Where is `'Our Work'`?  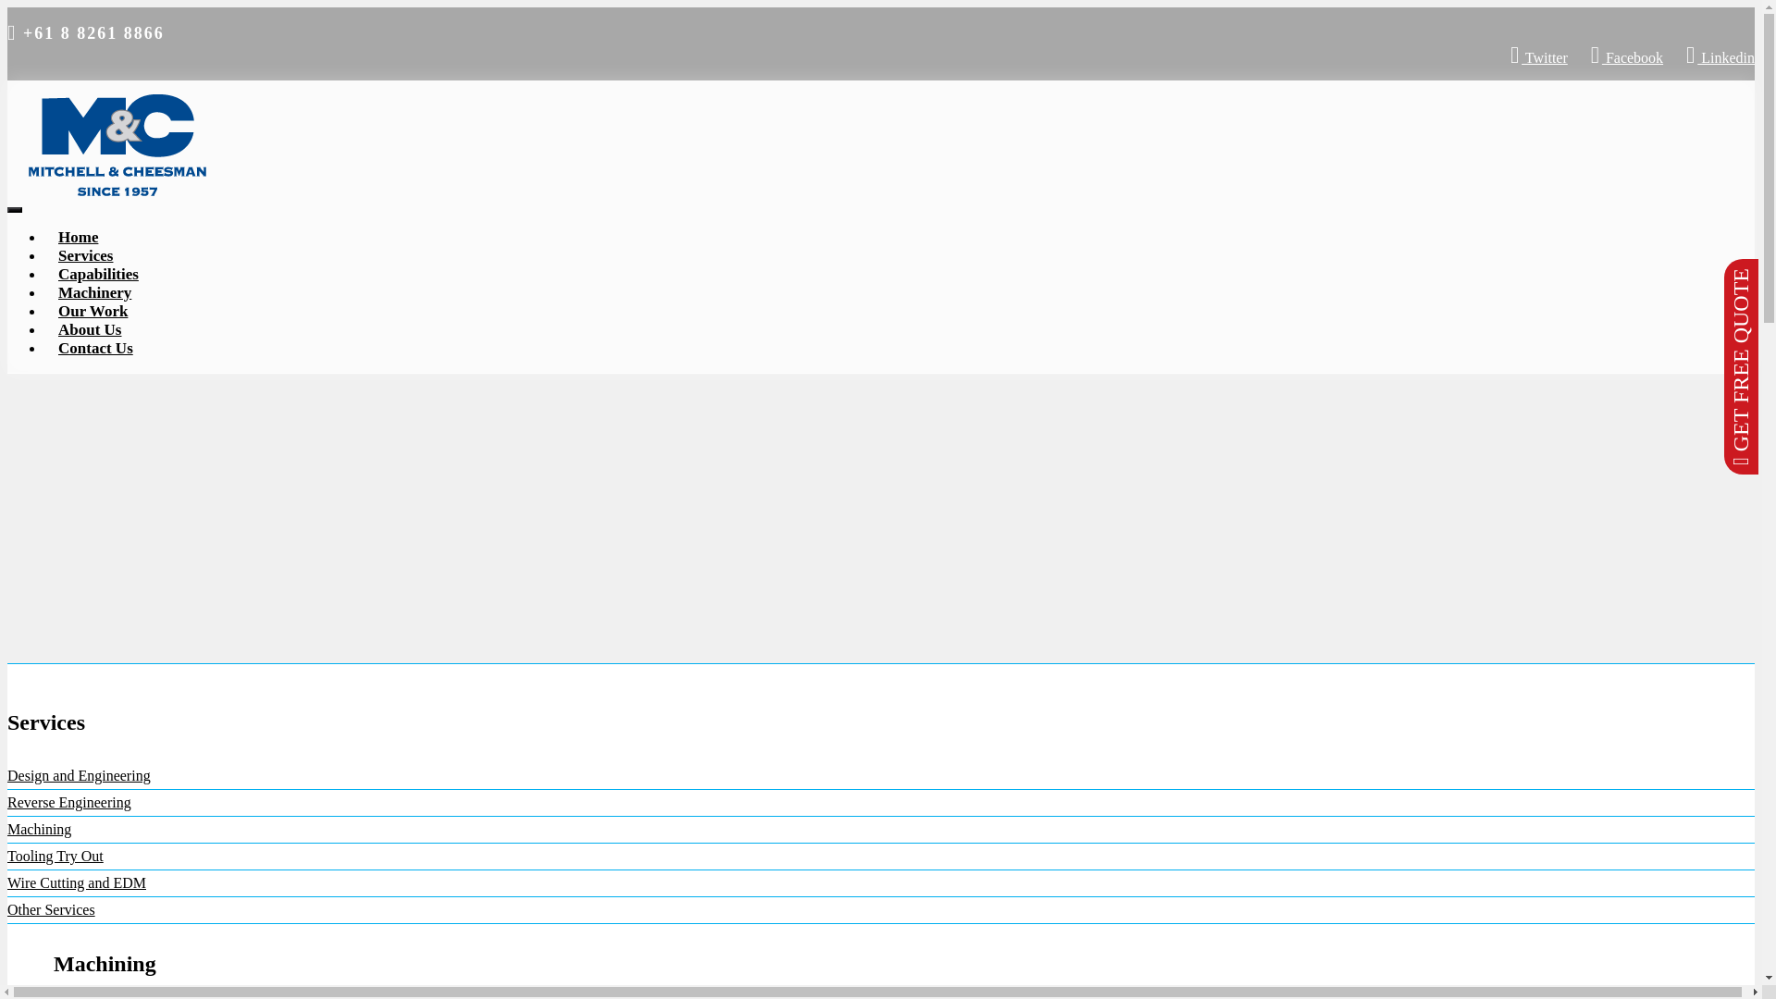 'Our Work' is located at coordinates (92, 310).